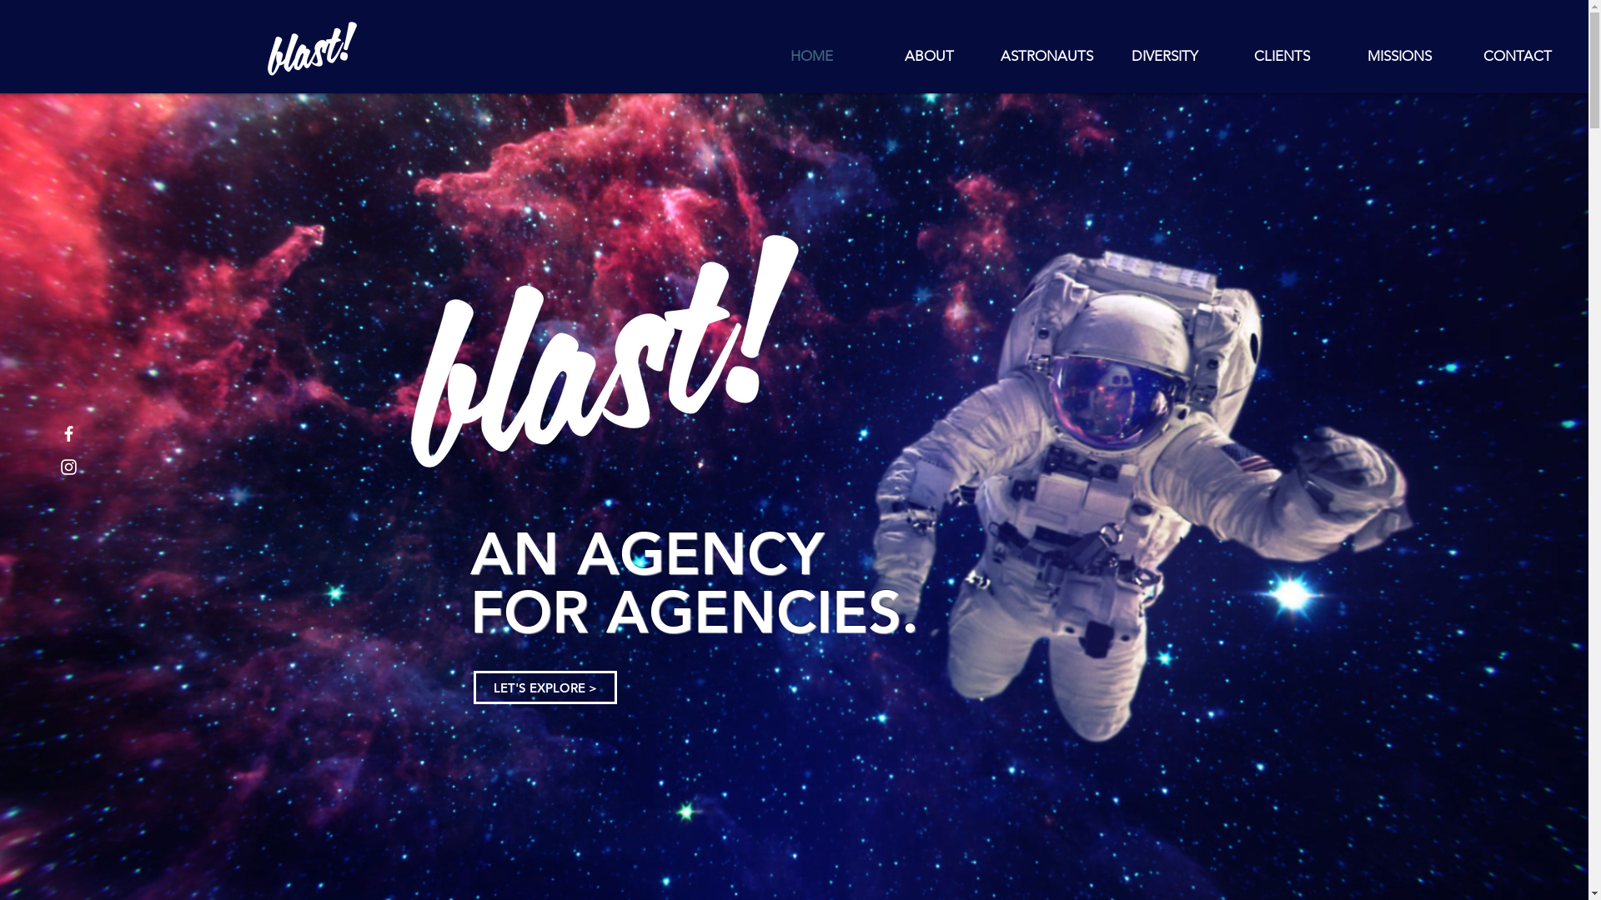 Image resolution: width=1601 pixels, height=900 pixels. I want to click on 'CONTACT', so click(1517, 54).